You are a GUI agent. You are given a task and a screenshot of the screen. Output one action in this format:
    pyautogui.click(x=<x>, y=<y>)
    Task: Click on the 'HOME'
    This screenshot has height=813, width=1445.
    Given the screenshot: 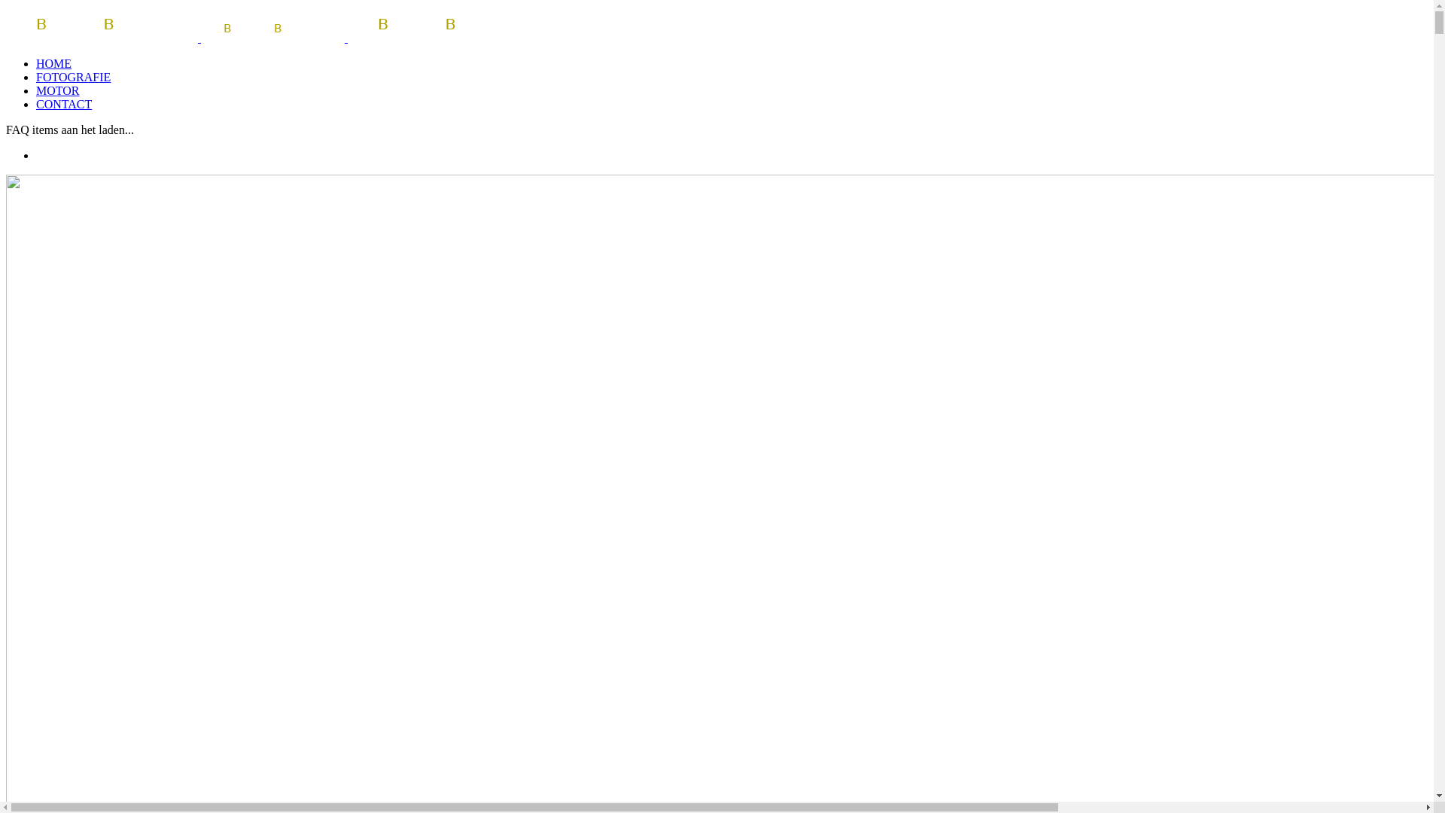 What is the action you would take?
    pyautogui.click(x=36, y=62)
    